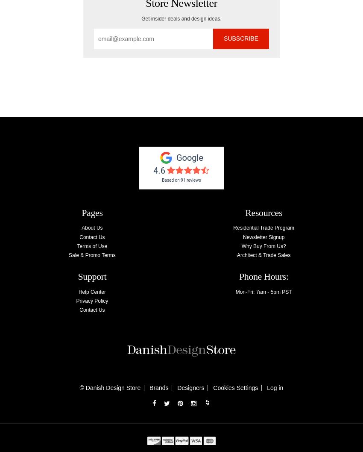 The height and width of the screenshot is (452, 363). I want to click on 'Cookies Settings', so click(235, 388).